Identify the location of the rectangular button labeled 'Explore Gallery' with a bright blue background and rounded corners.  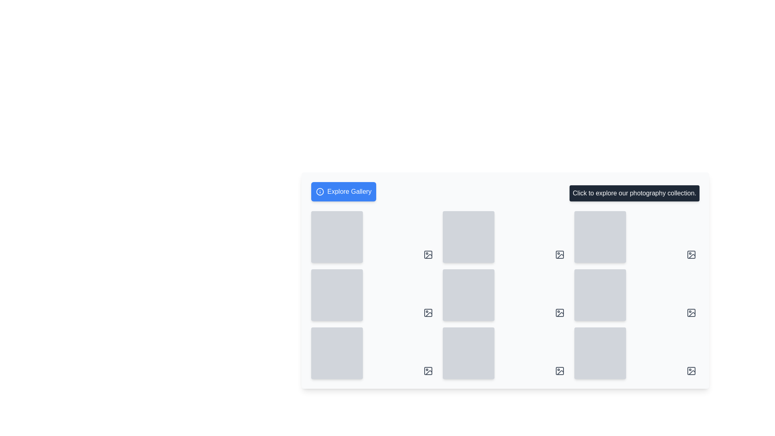
(344, 191).